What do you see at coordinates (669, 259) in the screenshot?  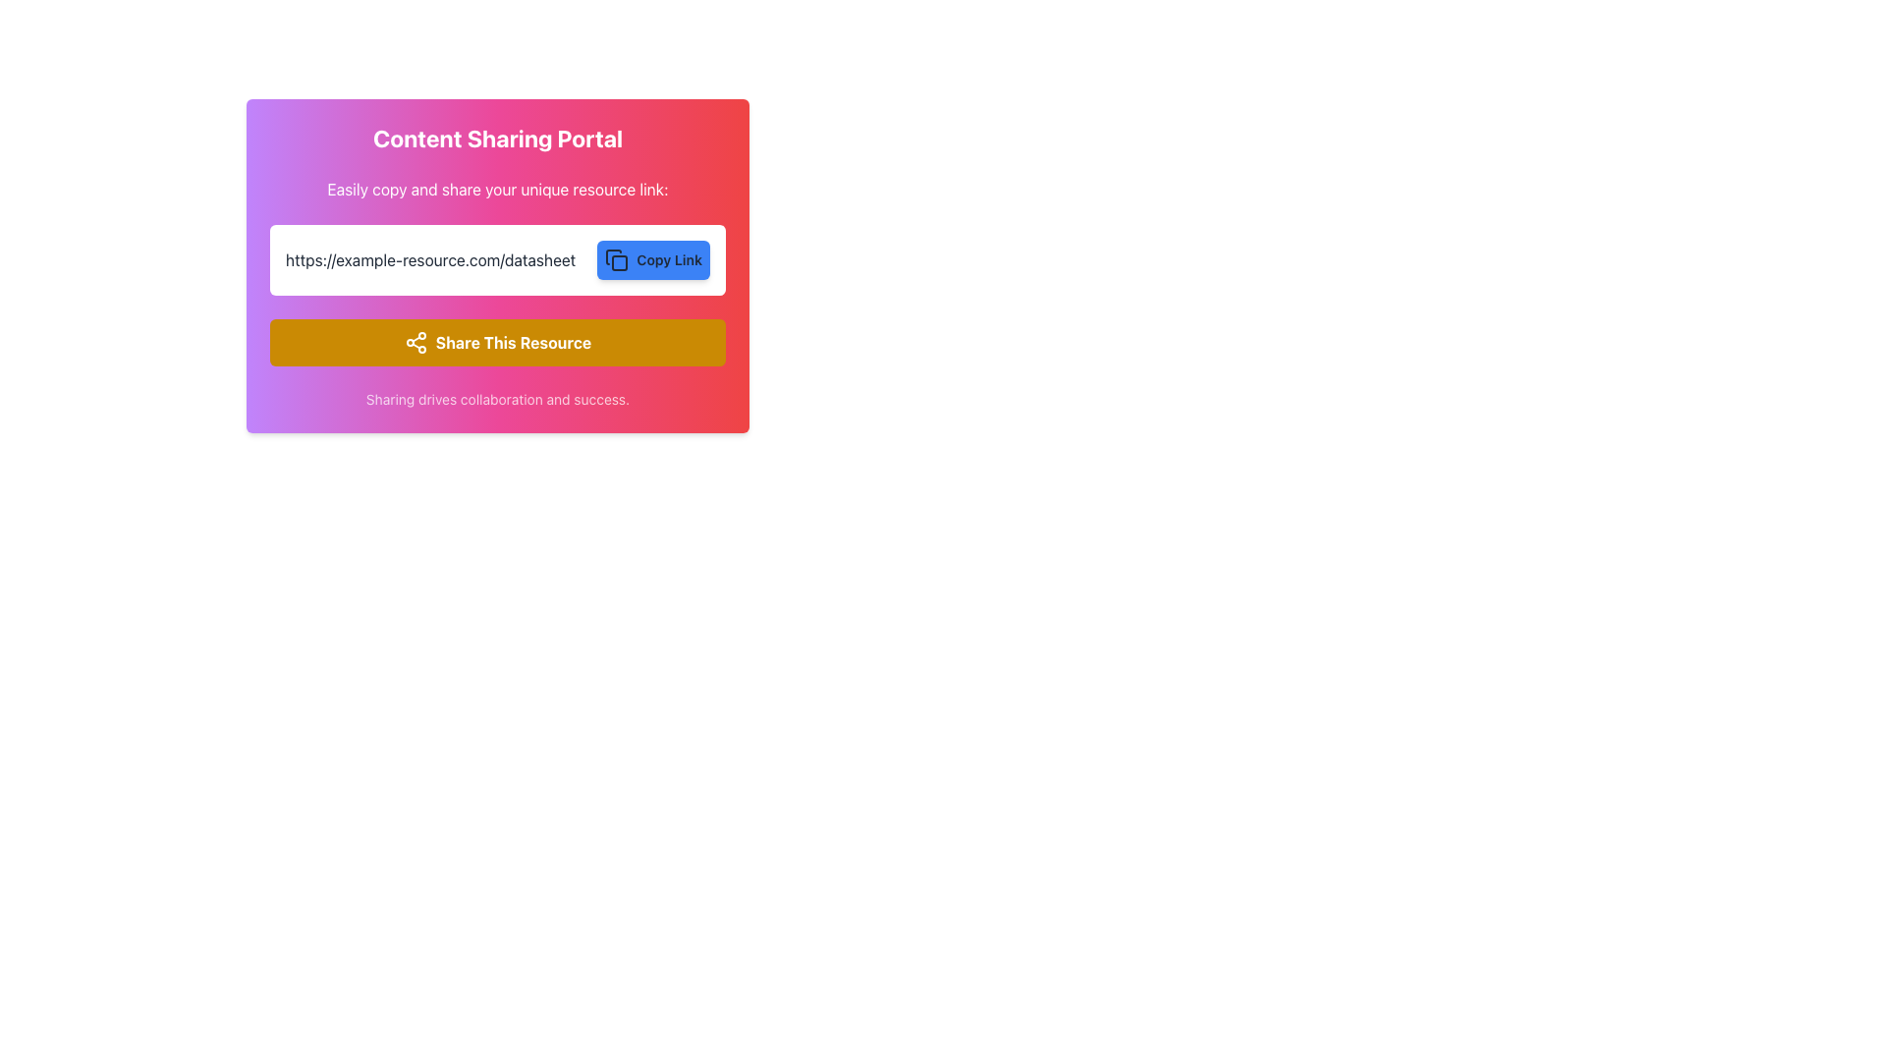 I see `the Text Label inside the blue button labeled 'Copy Link', which indicates the purpose to copy the adjacent link when interacted with` at bounding box center [669, 259].